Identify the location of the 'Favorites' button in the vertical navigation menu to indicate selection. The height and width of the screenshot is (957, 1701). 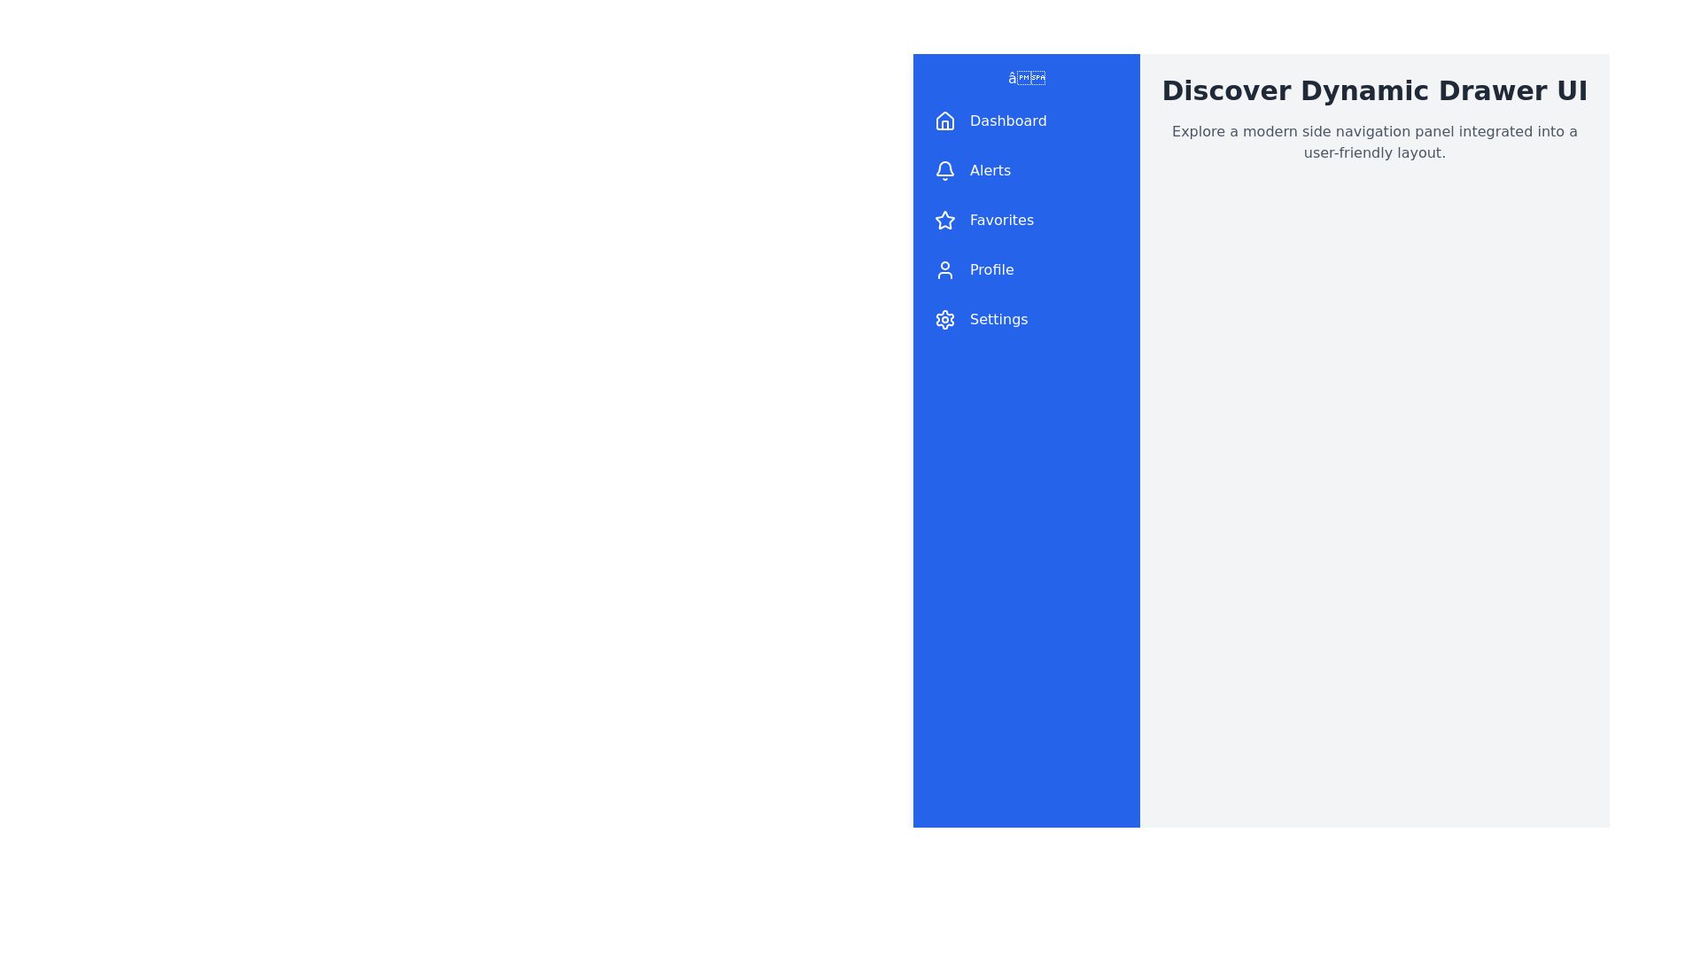
(1026, 220).